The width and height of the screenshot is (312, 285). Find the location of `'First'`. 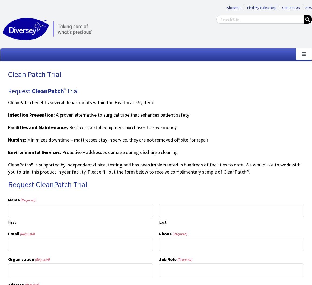

'First' is located at coordinates (11, 222).